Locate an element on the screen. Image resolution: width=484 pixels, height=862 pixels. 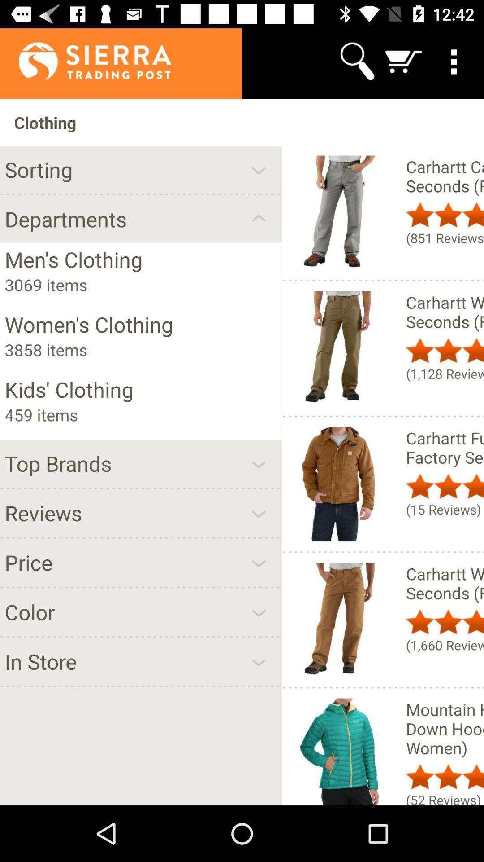
icon below (1,128 reviews) is located at coordinates (445, 448).